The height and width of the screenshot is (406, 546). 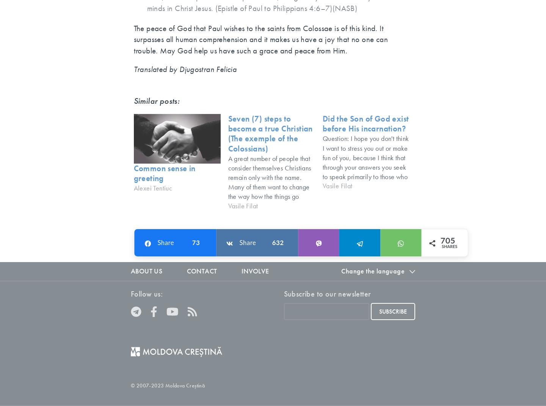 I want to click on 'Involve', so click(x=241, y=270).